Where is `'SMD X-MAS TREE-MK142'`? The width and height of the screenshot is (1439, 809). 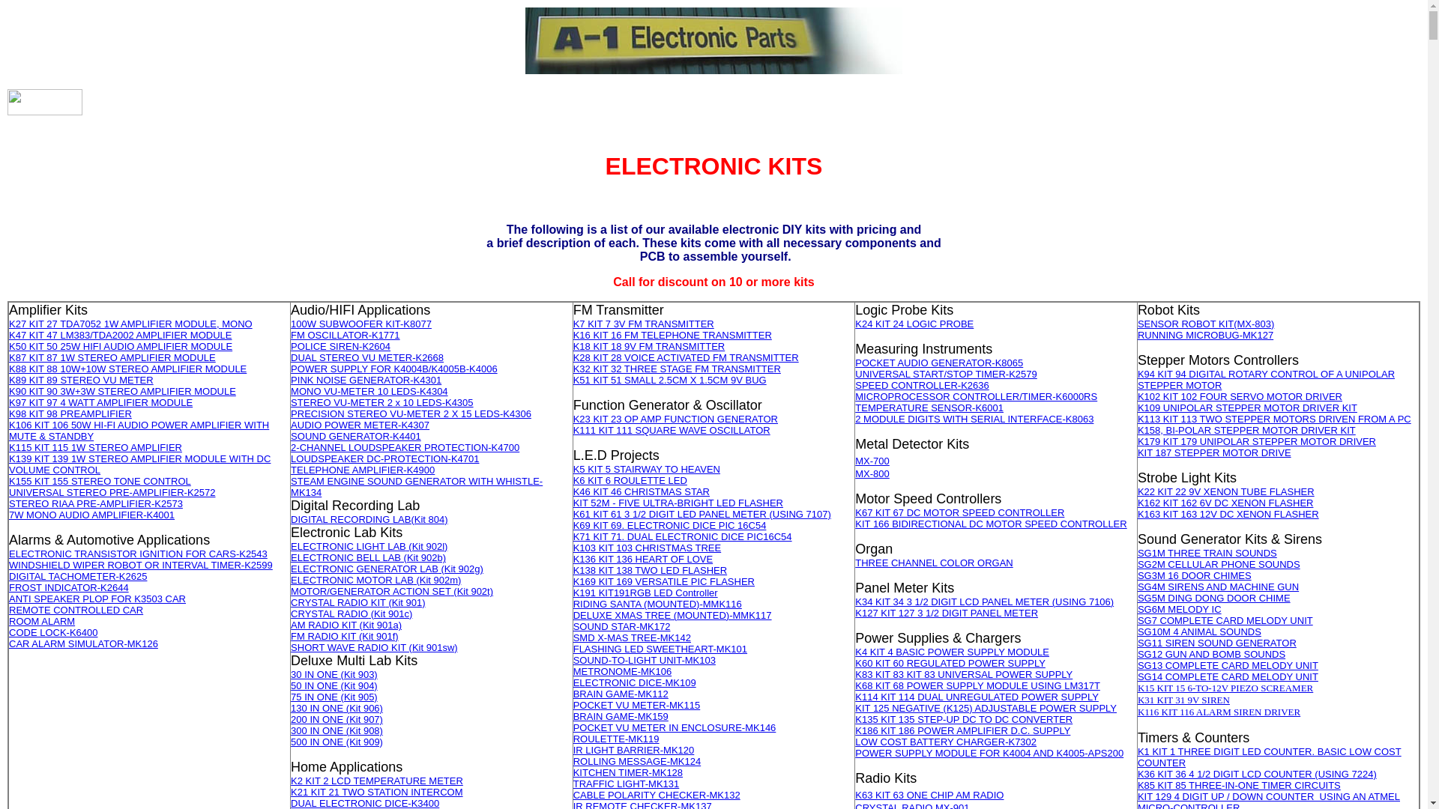 'SMD X-MAS TREE-MK142' is located at coordinates (632, 637).